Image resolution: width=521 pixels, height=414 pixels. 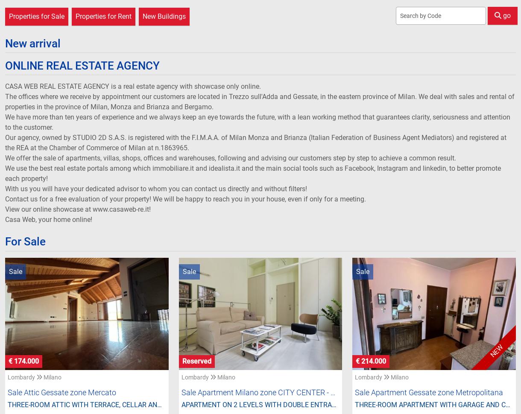 What do you see at coordinates (74, 39) in the screenshot?
I see `'Sale Rustic Gessate  zone Centro Storico'` at bounding box center [74, 39].